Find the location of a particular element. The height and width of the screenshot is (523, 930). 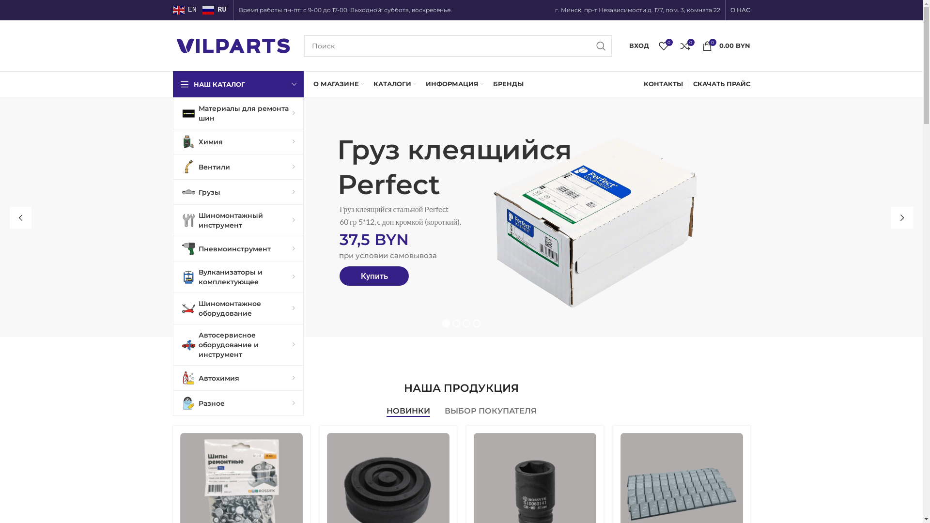

'EN' is located at coordinates (186, 10).